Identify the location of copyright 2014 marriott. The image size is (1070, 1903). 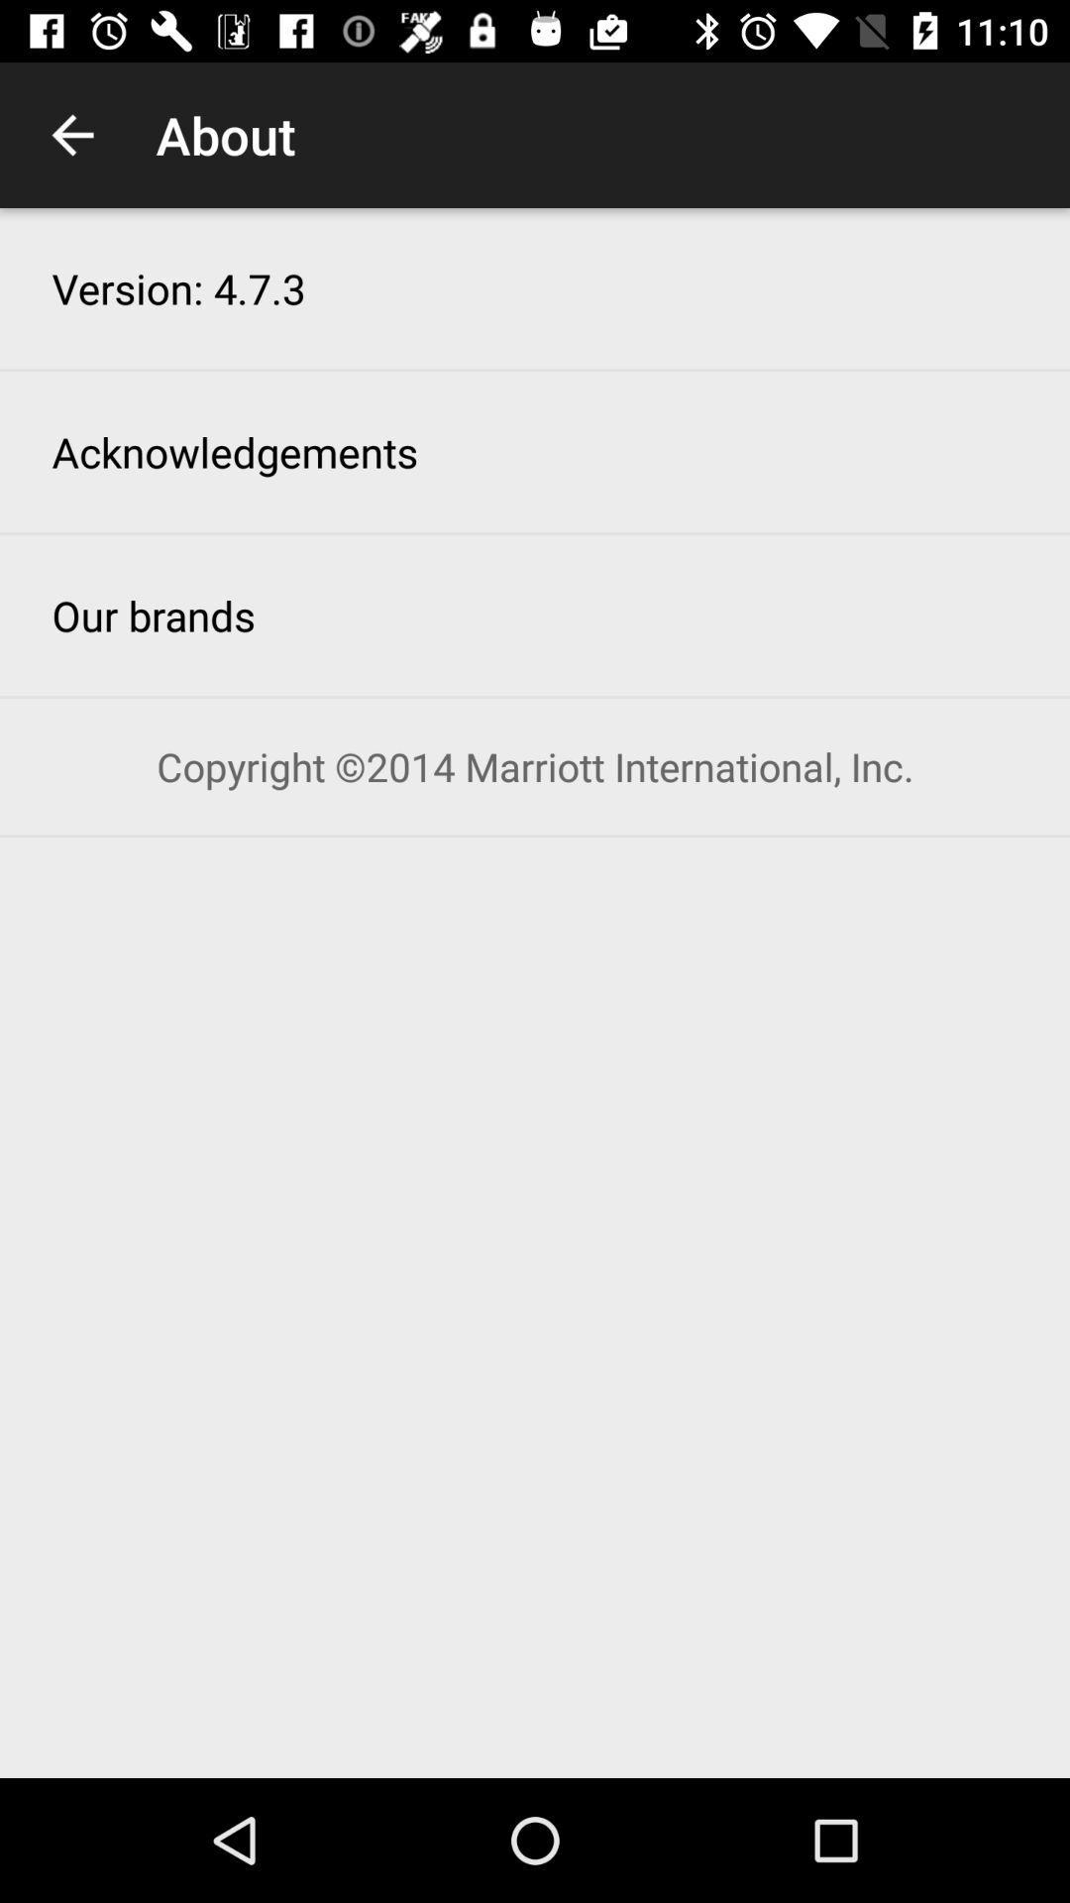
(535, 765).